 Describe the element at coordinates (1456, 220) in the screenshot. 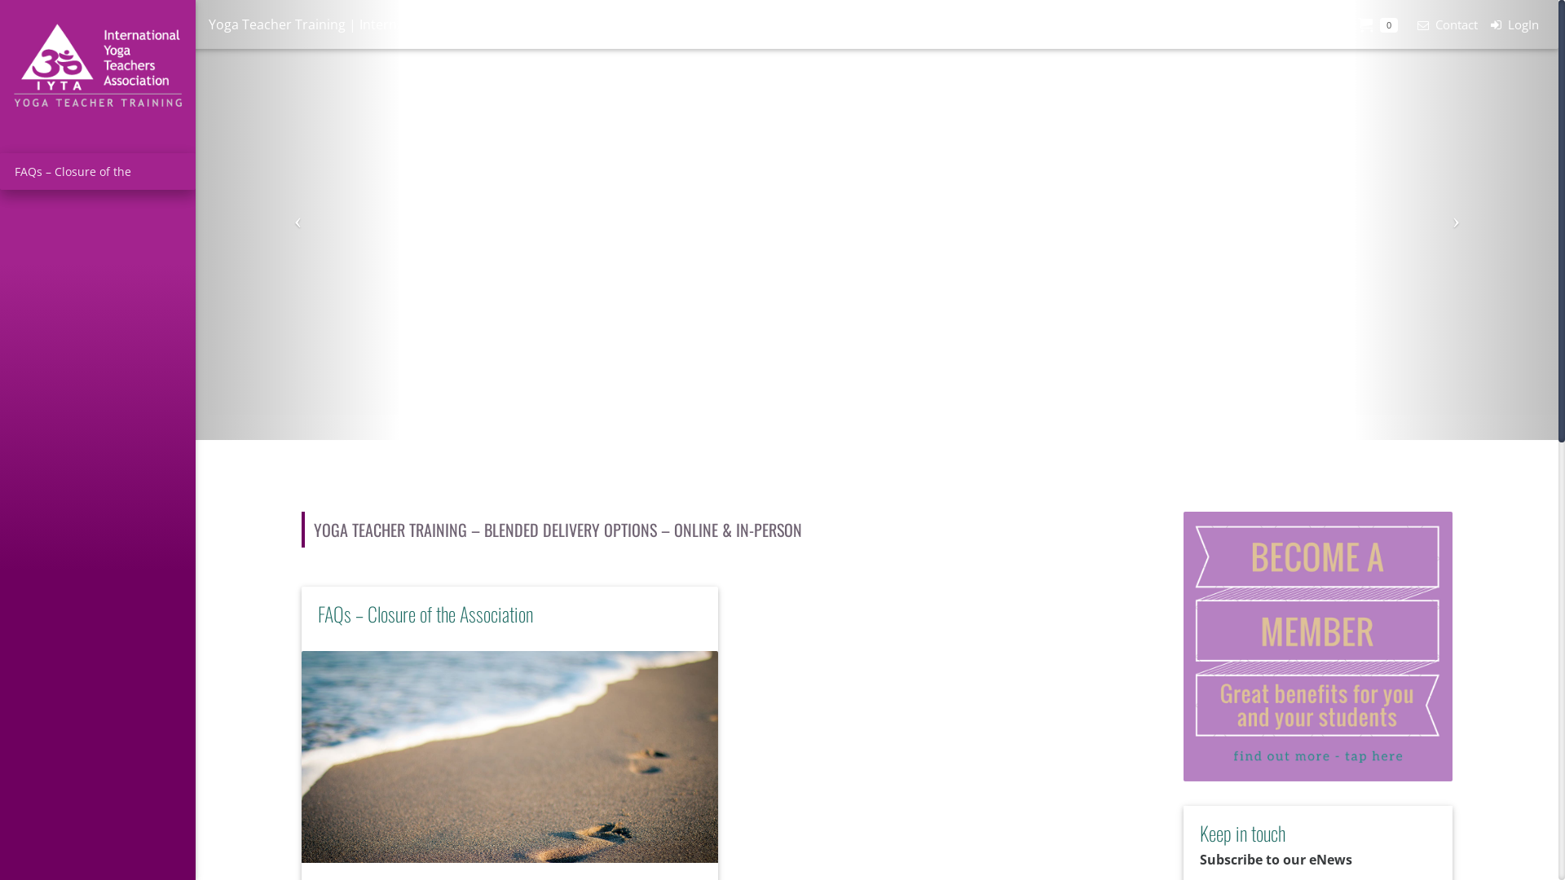

I see `'Next'` at that location.